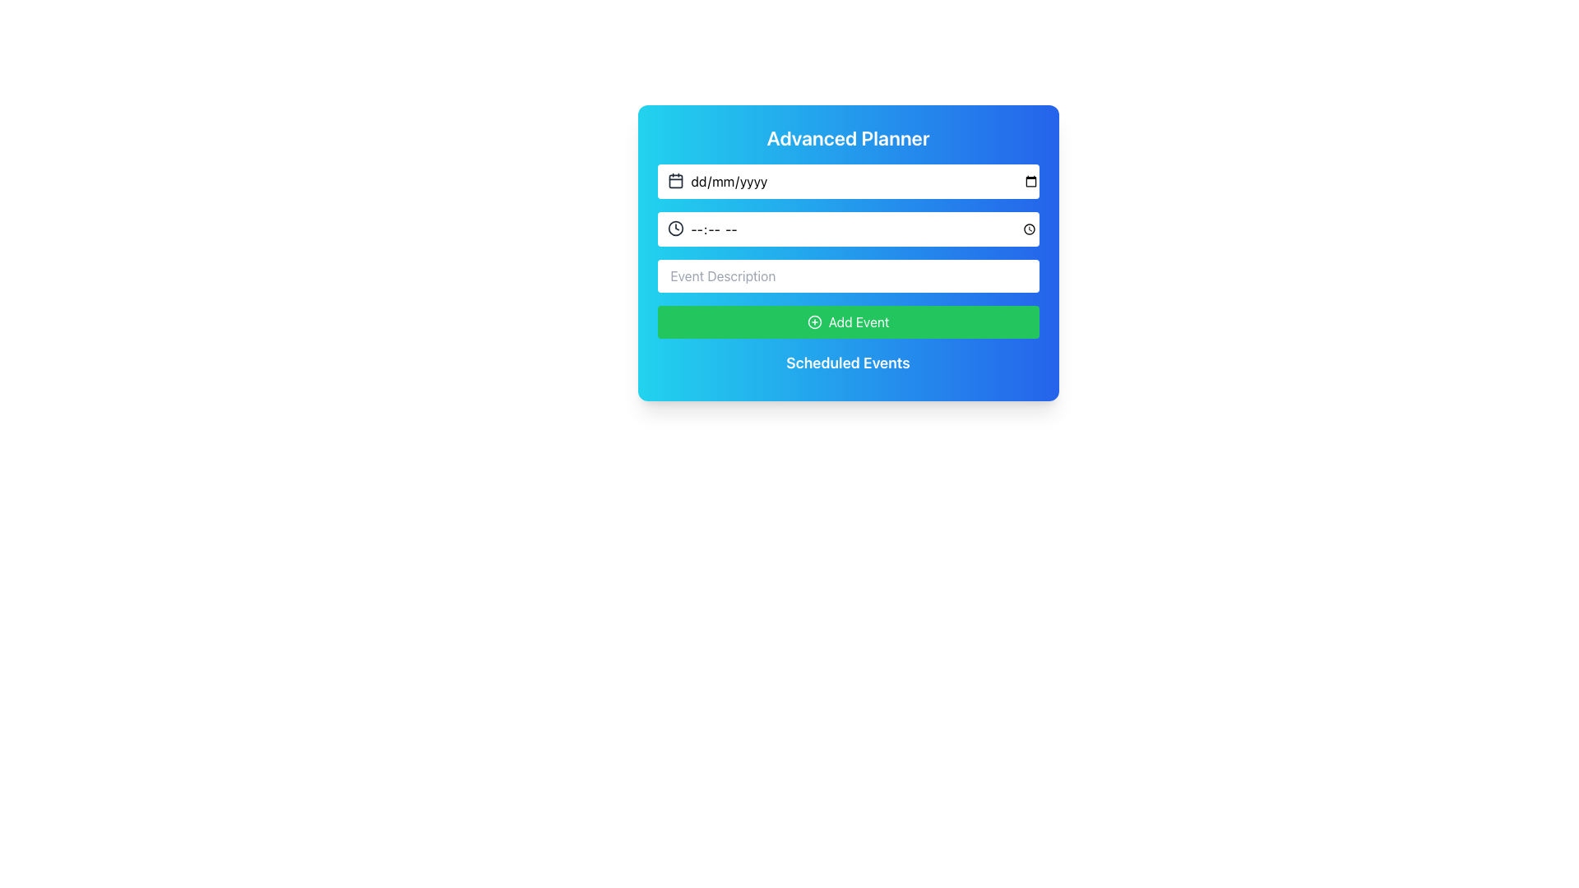 The width and height of the screenshot is (1579, 888). Describe the element at coordinates (675, 181) in the screenshot. I see `the rectangular shape with soft rounded corners within the calendar icon on the left side of the date input in the 'Advanced Planner' interface` at that location.